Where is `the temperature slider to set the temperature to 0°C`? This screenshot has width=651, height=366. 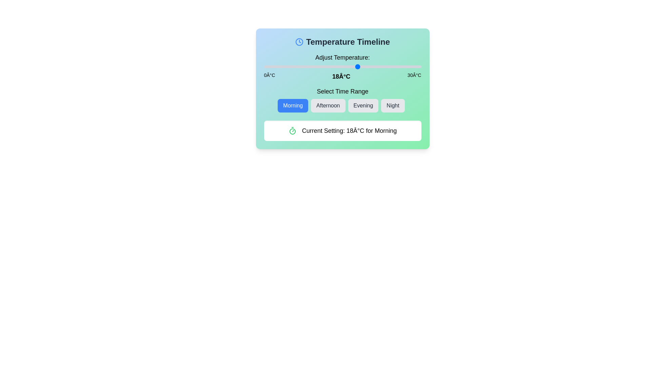
the temperature slider to set the temperature to 0°C is located at coordinates (263, 66).